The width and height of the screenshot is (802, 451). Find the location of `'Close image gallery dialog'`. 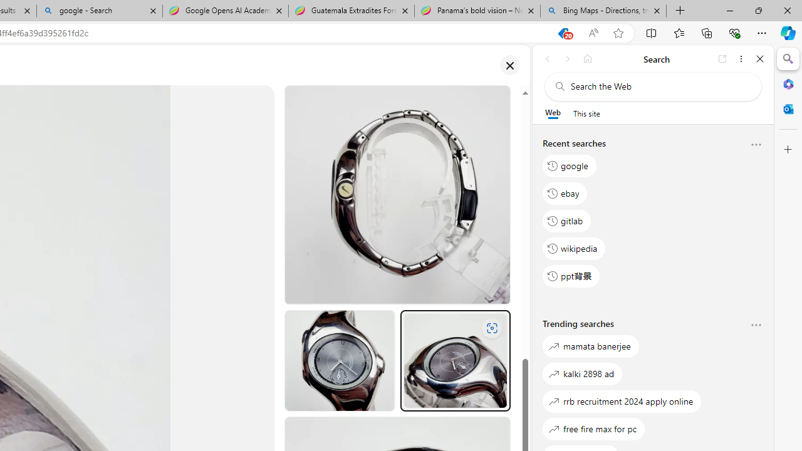

'Close image gallery dialog' is located at coordinates (509, 65).